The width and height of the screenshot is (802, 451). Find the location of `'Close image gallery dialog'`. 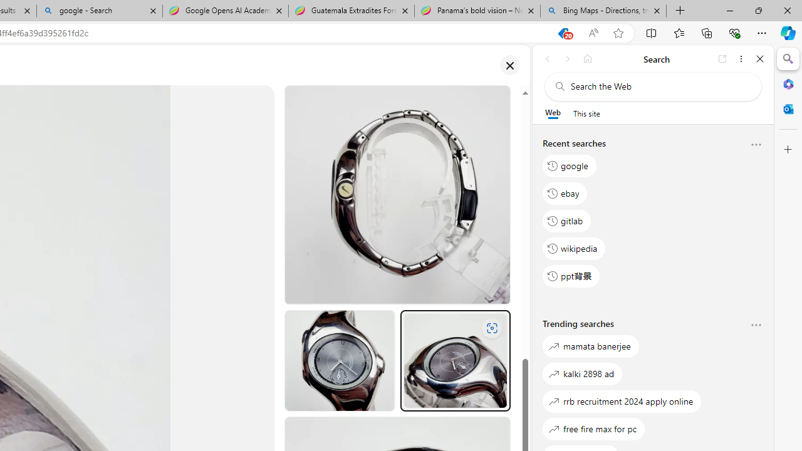

'Close image gallery dialog' is located at coordinates (509, 65).